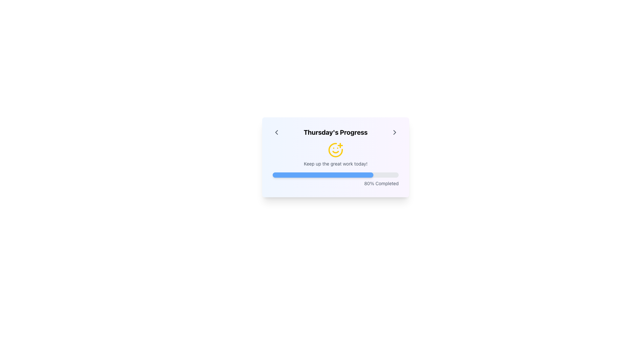 The width and height of the screenshot is (630, 354). Describe the element at coordinates (335, 154) in the screenshot. I see `the motivational feedback text label located in the middle section of the progress tracking card, positioned below the yellow smiling face icon and above the progress bar` at that location.